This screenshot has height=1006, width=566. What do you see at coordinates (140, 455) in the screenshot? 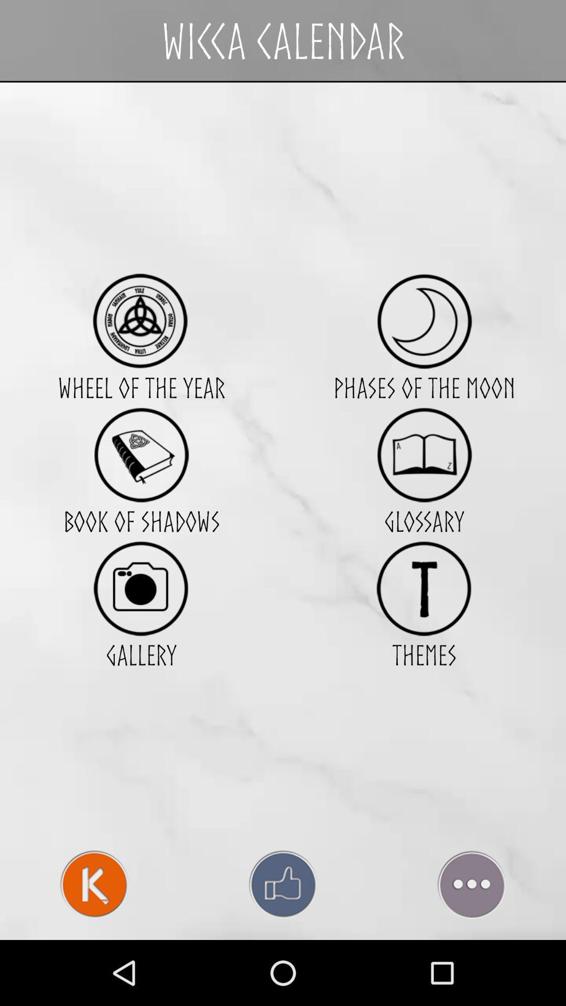
I see `the item above book of shadows icon` at bounding box center [140, 455].